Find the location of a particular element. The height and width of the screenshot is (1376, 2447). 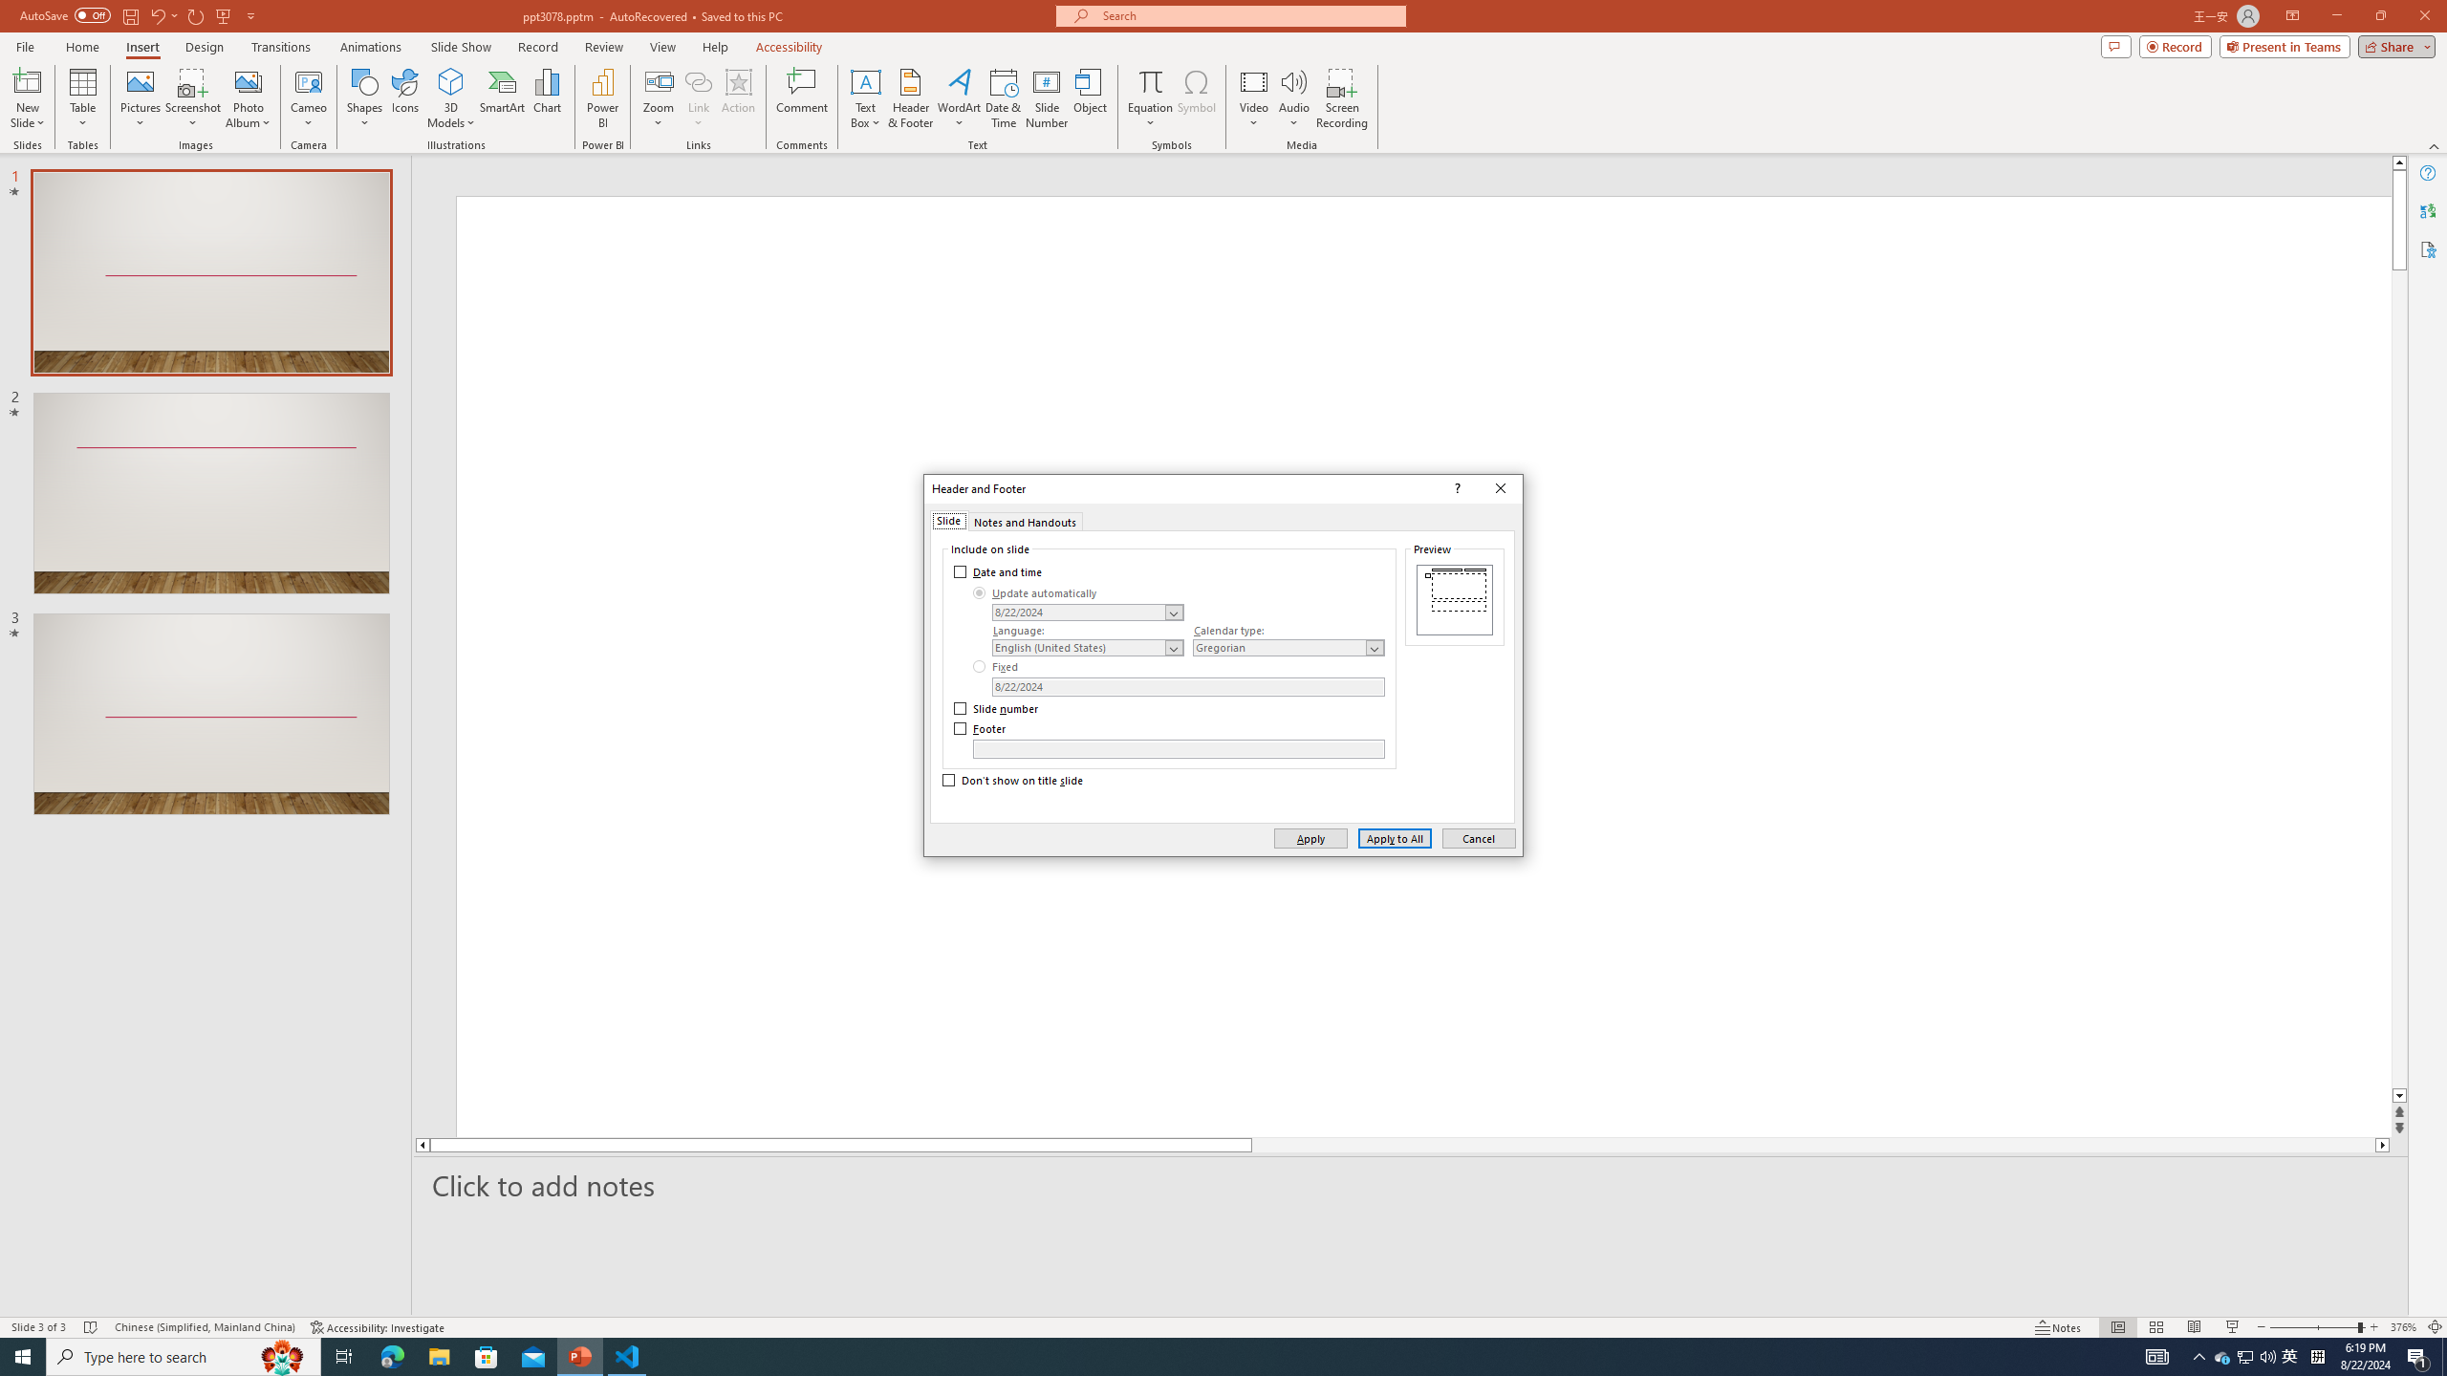

'Draw Horizontal Text Box' is located at coordinates (865, 80).